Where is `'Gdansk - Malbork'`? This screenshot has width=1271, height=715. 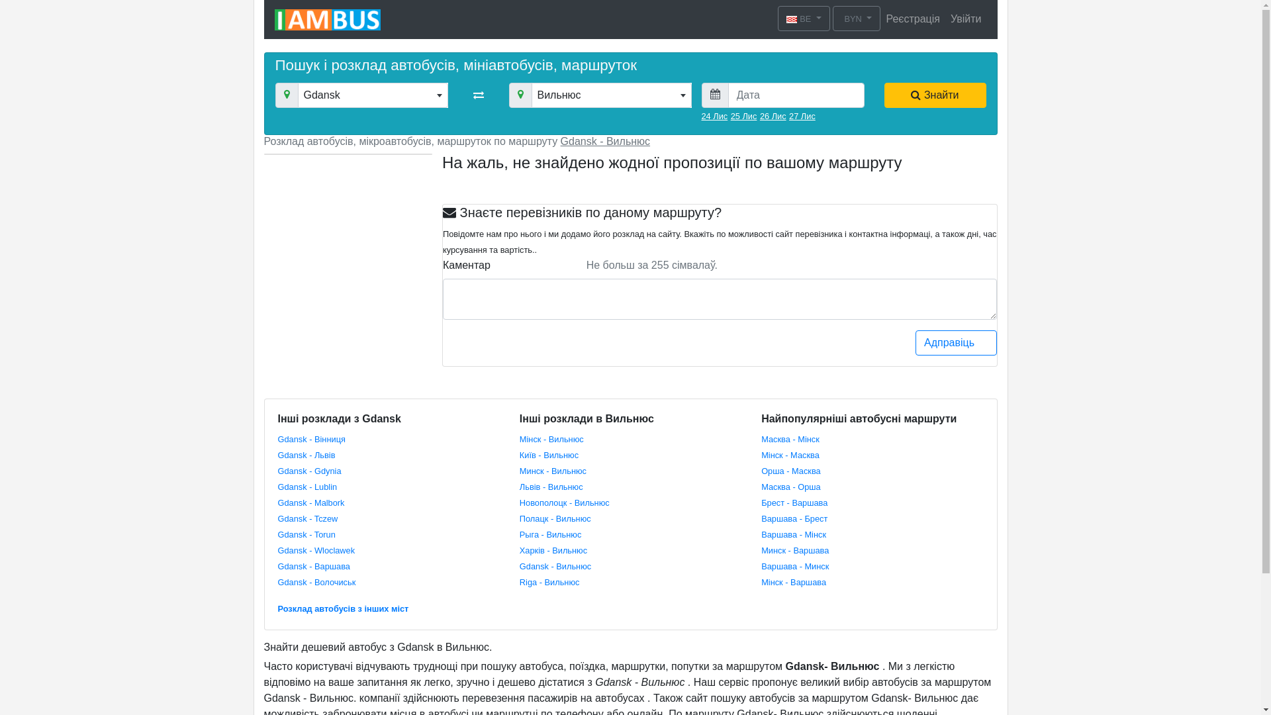
'Gdansk - Malbork' is located at coordinates (310, 502).